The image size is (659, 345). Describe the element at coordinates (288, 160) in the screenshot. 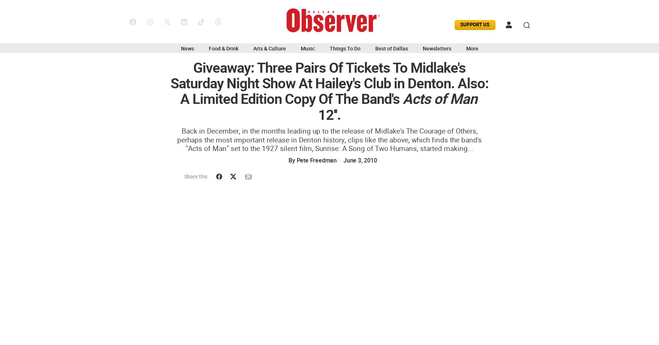

I see `'By'` at that location.